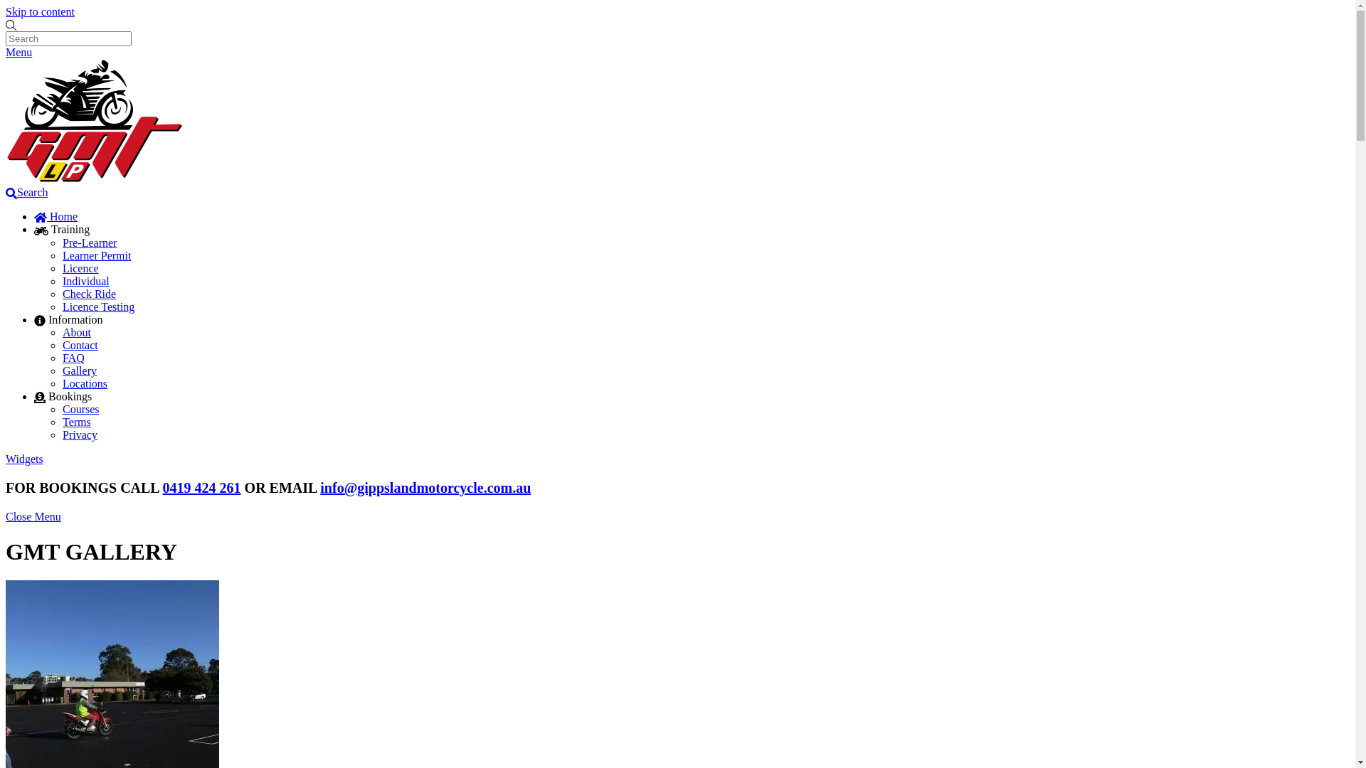 Image resolution: width=1366 pixels, height=768 pixels. Describe the element at coordinates (60, 228) in the screenshot. I see `'Training'` at that location.